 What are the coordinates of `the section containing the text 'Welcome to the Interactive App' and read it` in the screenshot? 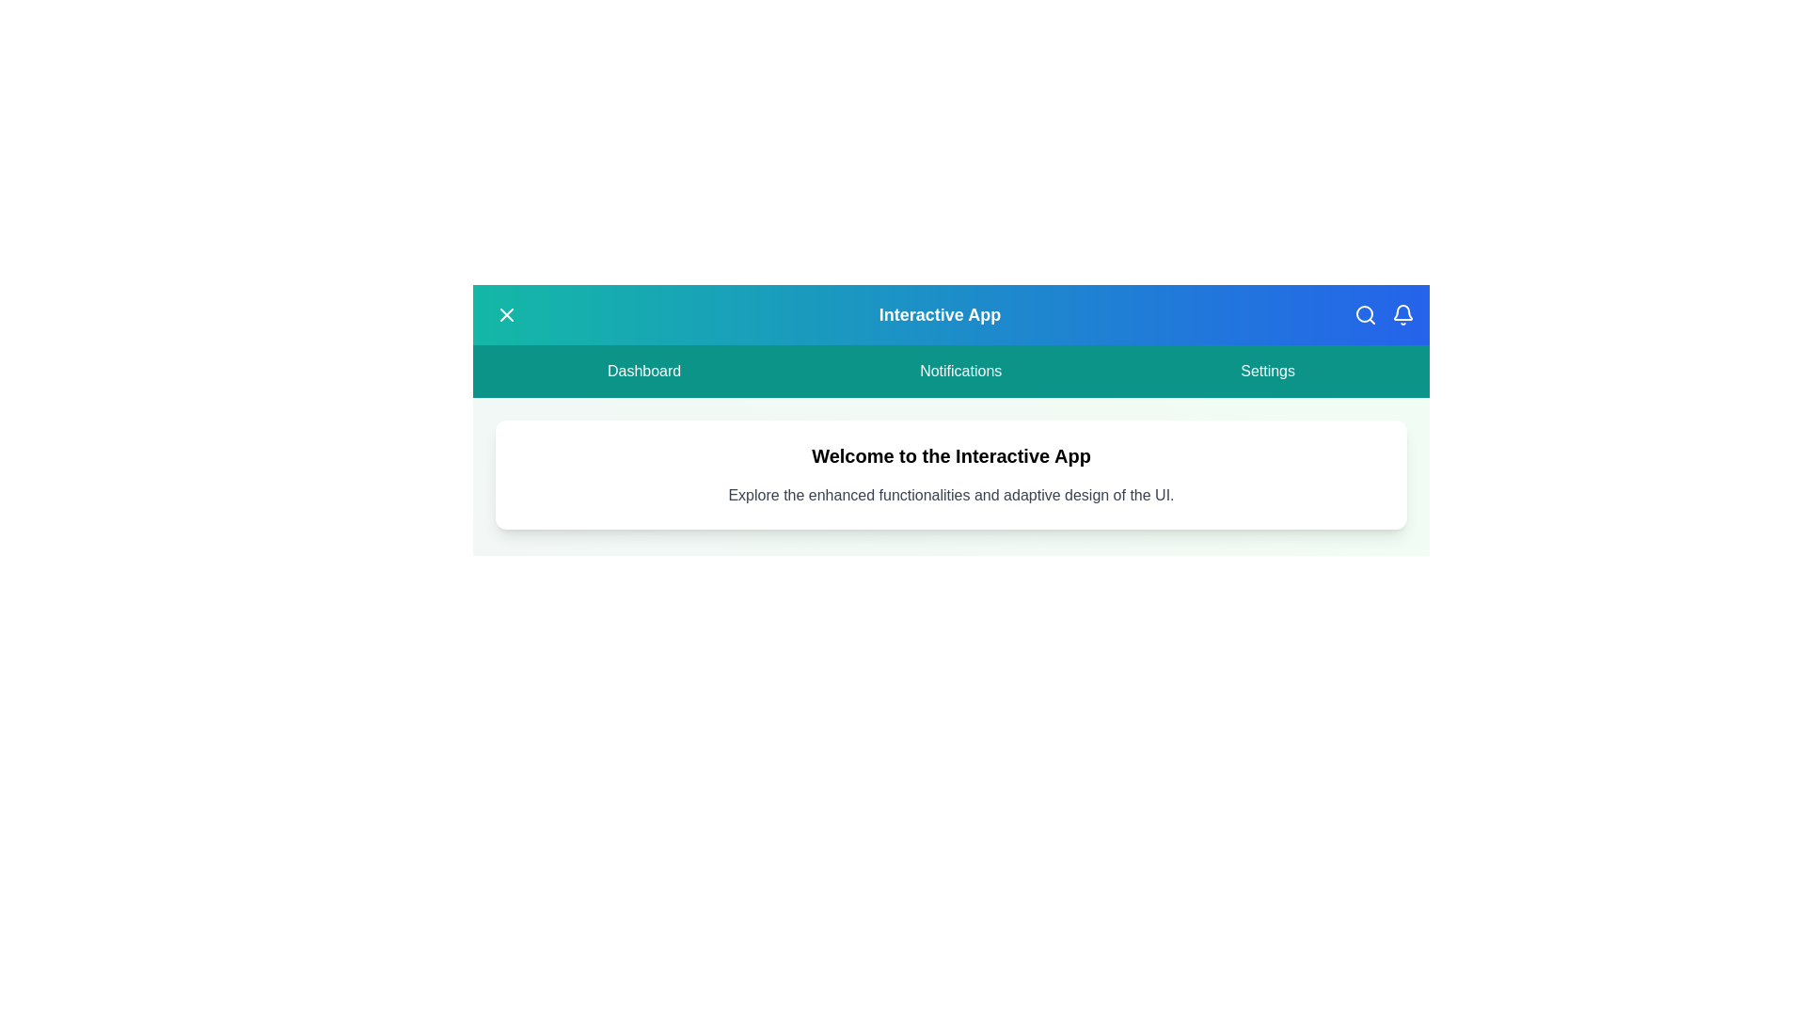 It's located at (951, 456).